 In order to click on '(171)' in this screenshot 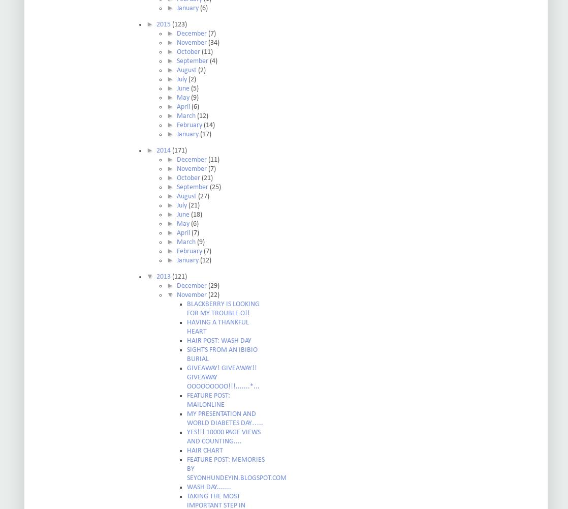, I will do `click(178, 151)`.